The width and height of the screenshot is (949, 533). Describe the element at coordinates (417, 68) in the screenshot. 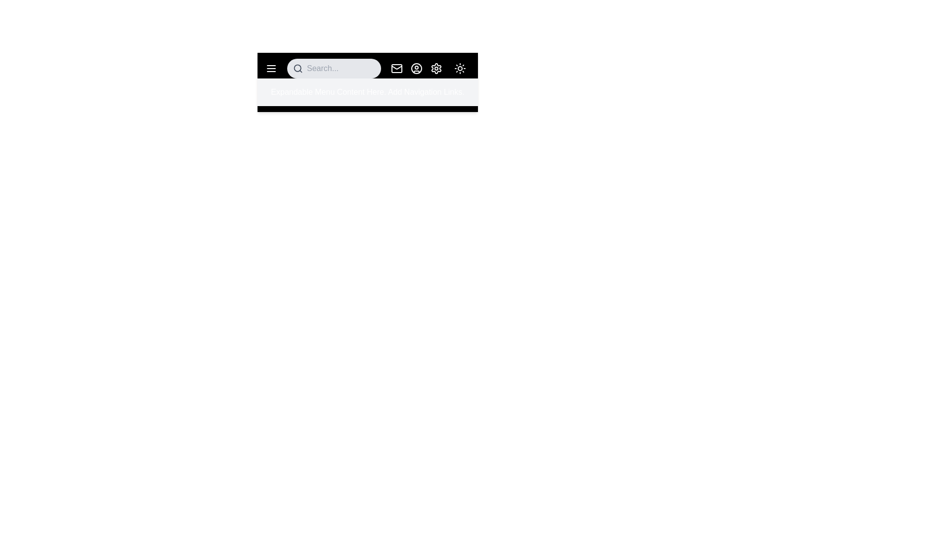

I see `the user icon to access profile-related actions` at that location.